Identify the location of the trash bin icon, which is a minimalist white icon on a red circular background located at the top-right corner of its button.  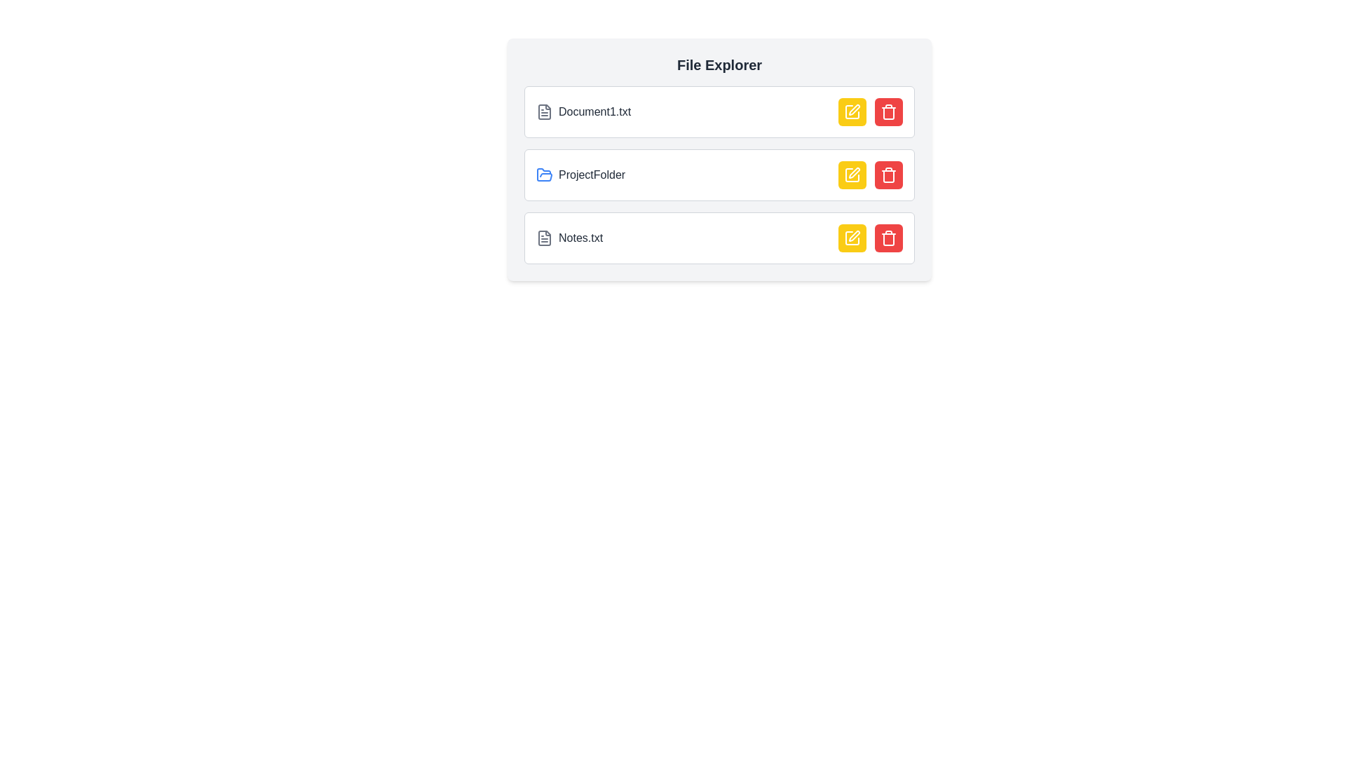
(888, 237).